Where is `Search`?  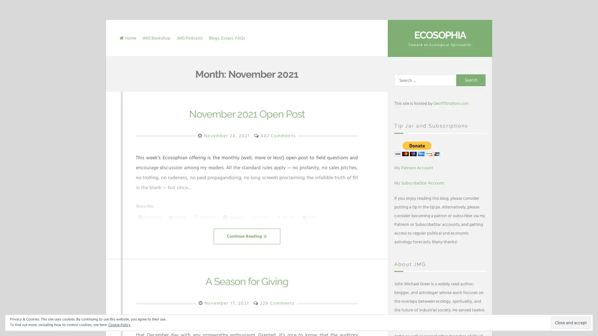 Search is located at coordinates (471, 80).